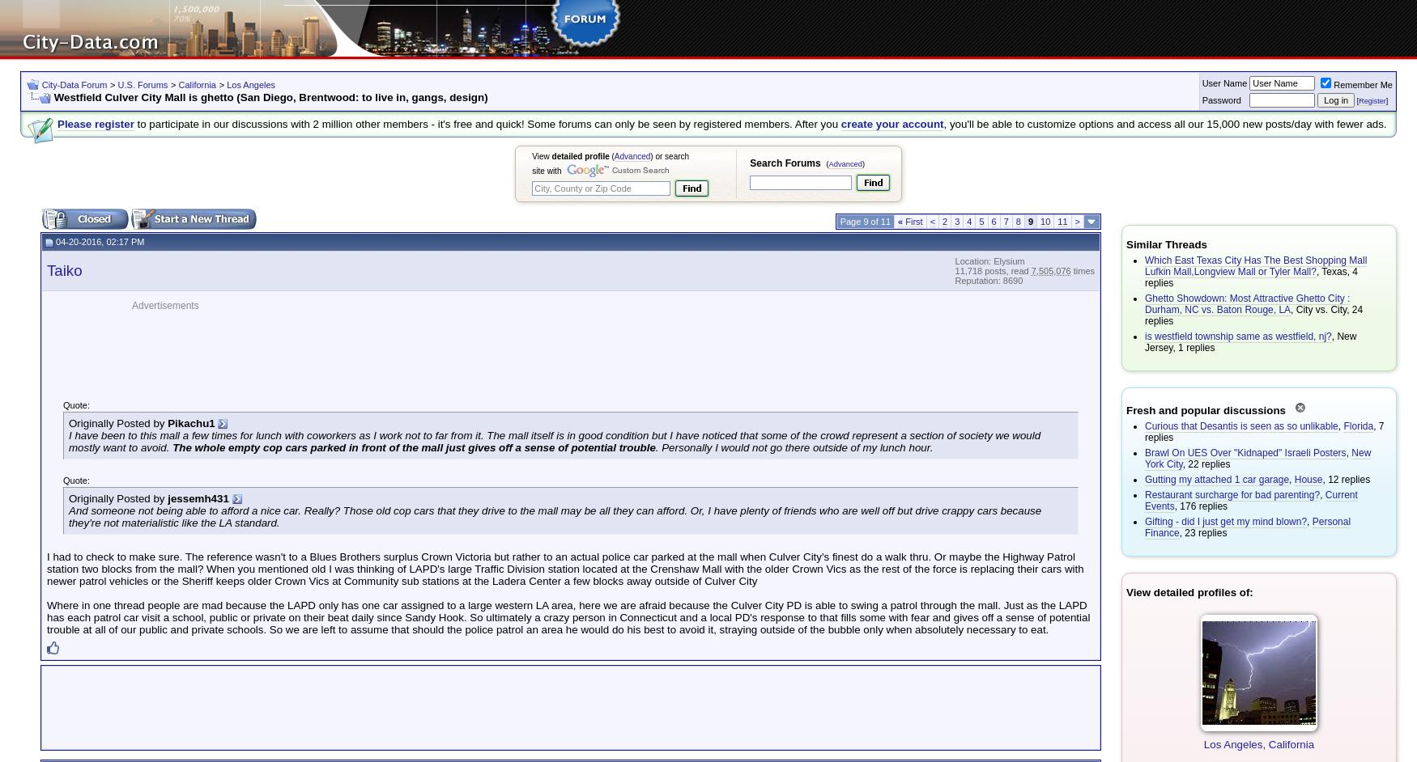 Image resolution: width=1417 pixels, height=762 pixels. I want to click on 'Brawl On UES Over "Kidnaped" Israeli Posters', so click(1245, 452).